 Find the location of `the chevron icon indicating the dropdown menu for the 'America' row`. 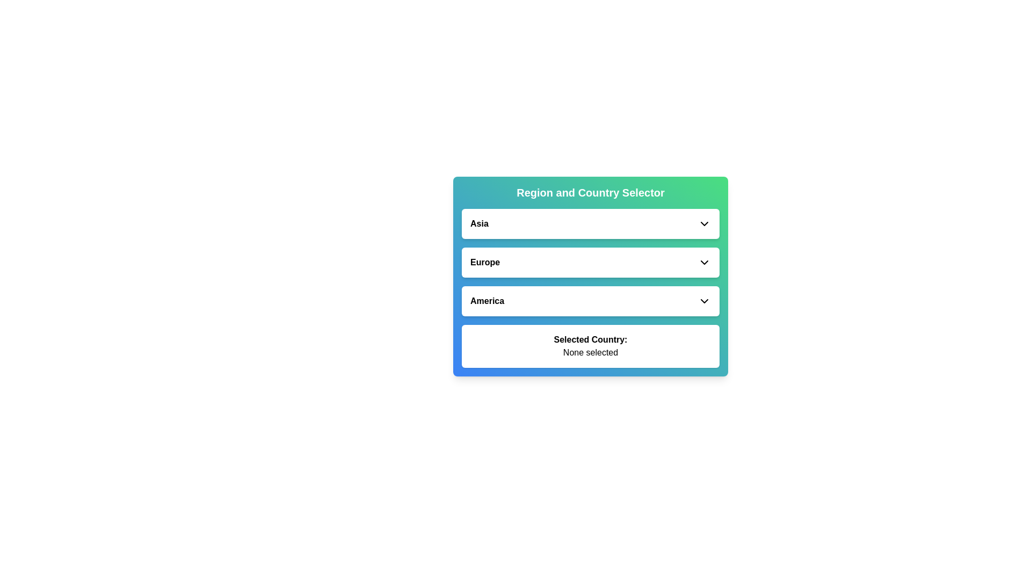

the chevron icon indicating the dropdown menu for the 'America' row is located at coordinates (704, 301).